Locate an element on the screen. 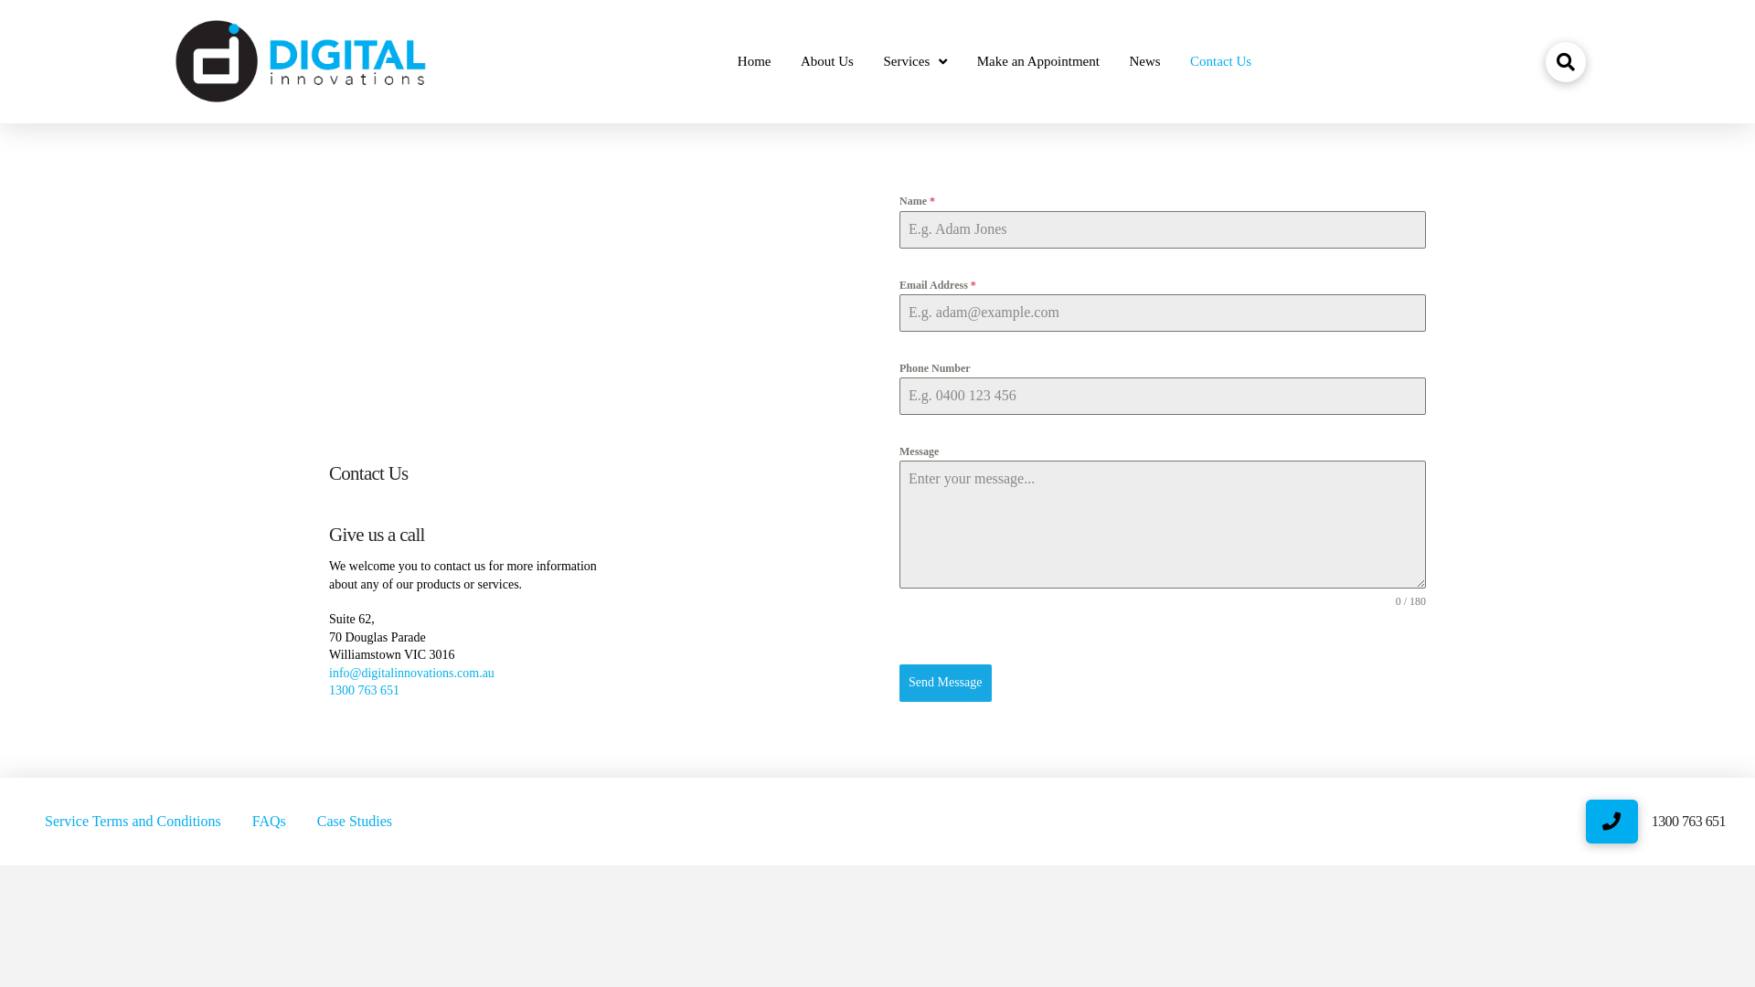 Image resolution: width=1755 pixels, height=987 pixels. 'News' is located at coordinates (1143, 61).